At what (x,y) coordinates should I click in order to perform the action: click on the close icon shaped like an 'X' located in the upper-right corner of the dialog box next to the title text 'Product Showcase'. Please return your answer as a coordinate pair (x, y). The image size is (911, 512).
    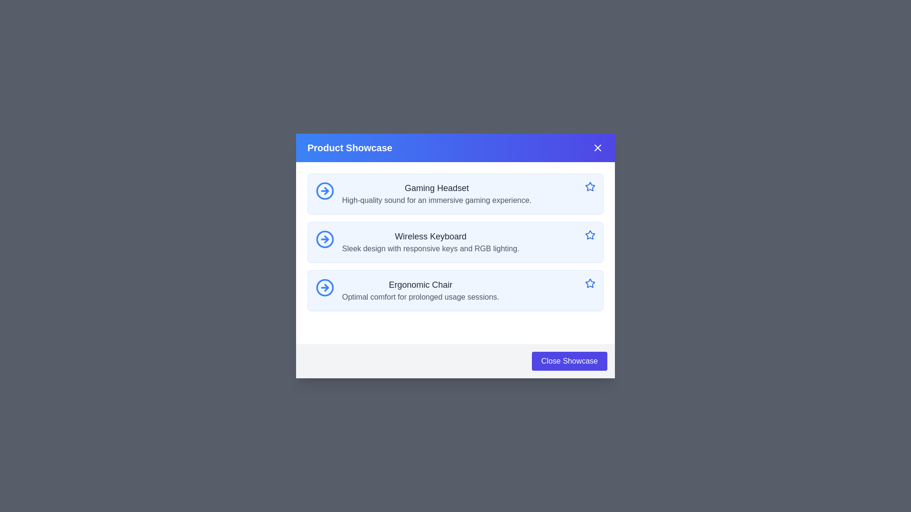
    Looking at the image, I should click on (597, 148).